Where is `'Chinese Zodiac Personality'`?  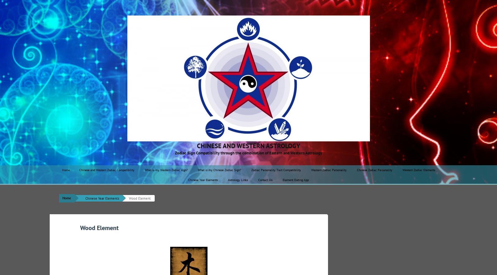
'Chinese Zodiac Personality' is located at coordinates (374, 170).